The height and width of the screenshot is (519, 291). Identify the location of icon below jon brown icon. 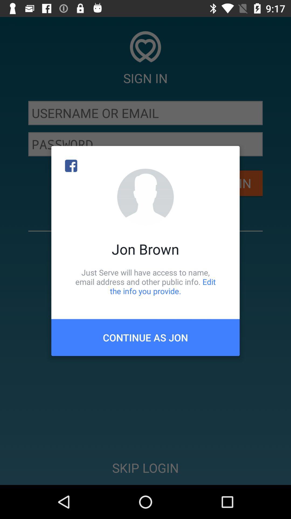
(145, 281).